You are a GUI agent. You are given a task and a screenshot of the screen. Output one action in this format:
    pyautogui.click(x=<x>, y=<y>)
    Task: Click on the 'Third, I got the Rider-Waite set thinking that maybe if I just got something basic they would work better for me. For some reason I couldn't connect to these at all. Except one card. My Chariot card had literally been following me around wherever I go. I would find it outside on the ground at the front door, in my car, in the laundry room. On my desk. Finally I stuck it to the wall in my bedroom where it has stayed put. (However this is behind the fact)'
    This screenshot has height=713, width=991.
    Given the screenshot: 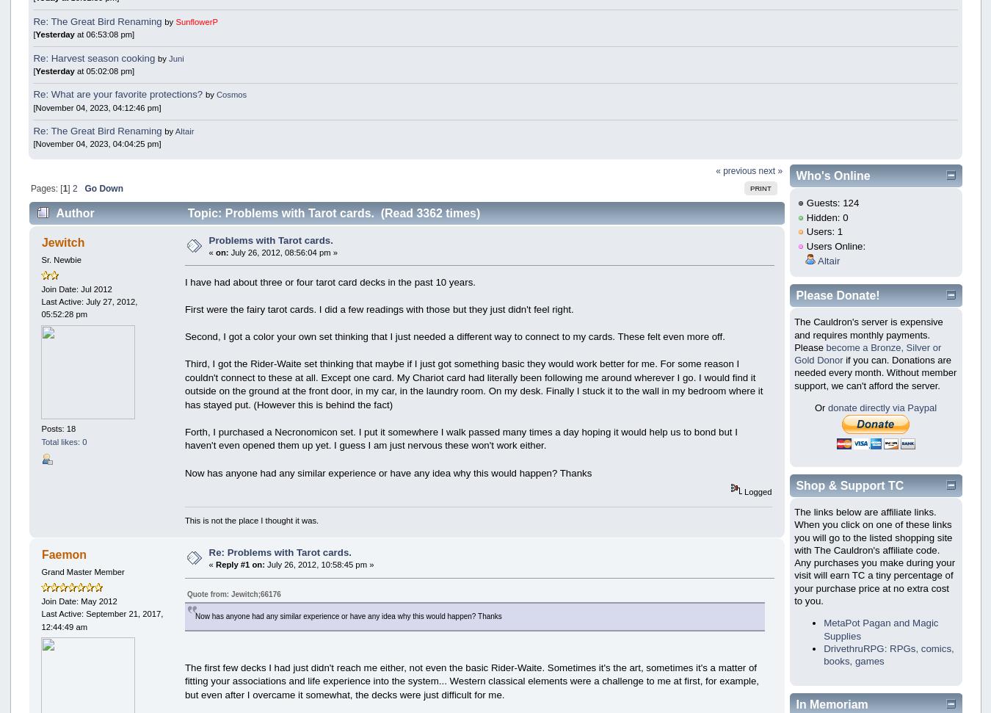 What is the action you would take?
    pyautogui.click(x=183, y=383)
    